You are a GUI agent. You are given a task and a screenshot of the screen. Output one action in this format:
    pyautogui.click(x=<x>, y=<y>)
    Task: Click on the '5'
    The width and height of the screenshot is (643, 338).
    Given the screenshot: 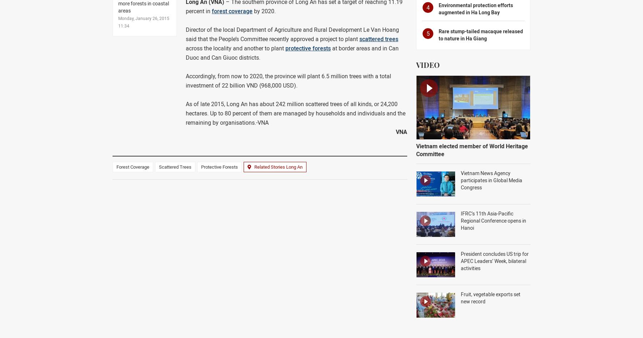 What is the action you would take?
    pyautogui.click(x=426, y=33)
    